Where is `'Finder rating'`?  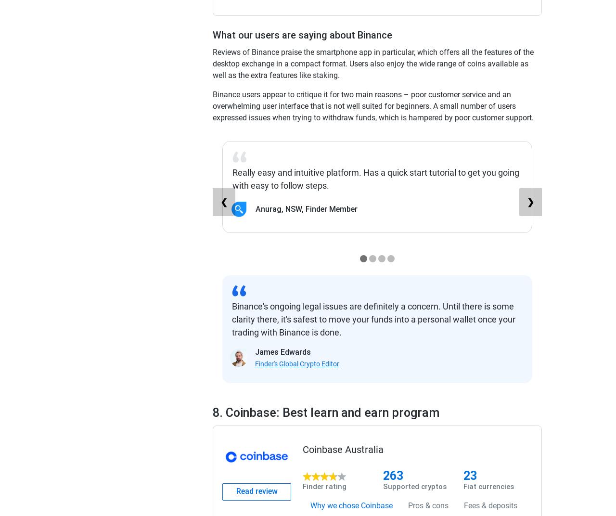
'Finder rating' is located at coordinates (324, 487).